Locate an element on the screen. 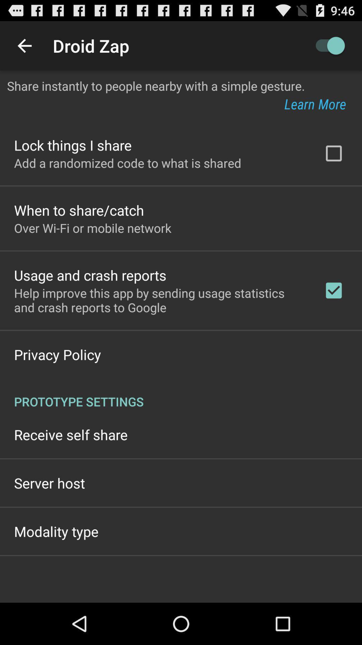 This screenshot has width=362, height=645. the icon next to the droid zap is located at coordinates (24, 45).